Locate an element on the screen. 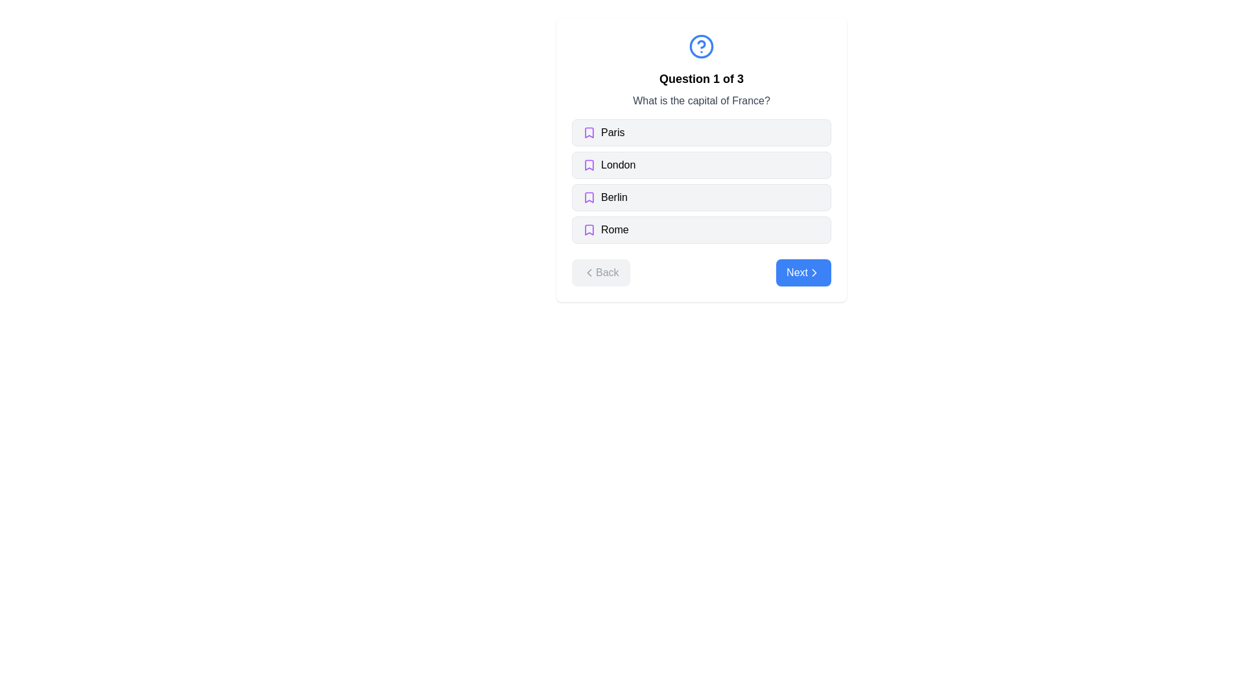 Image resolution: width=1245 pixels, height=700 pixels. the second selectable option in the vertical list of answers, which is the option 'London', to record the selection for the question 'What is the capital of France?' is located at coordinates (700, 159).